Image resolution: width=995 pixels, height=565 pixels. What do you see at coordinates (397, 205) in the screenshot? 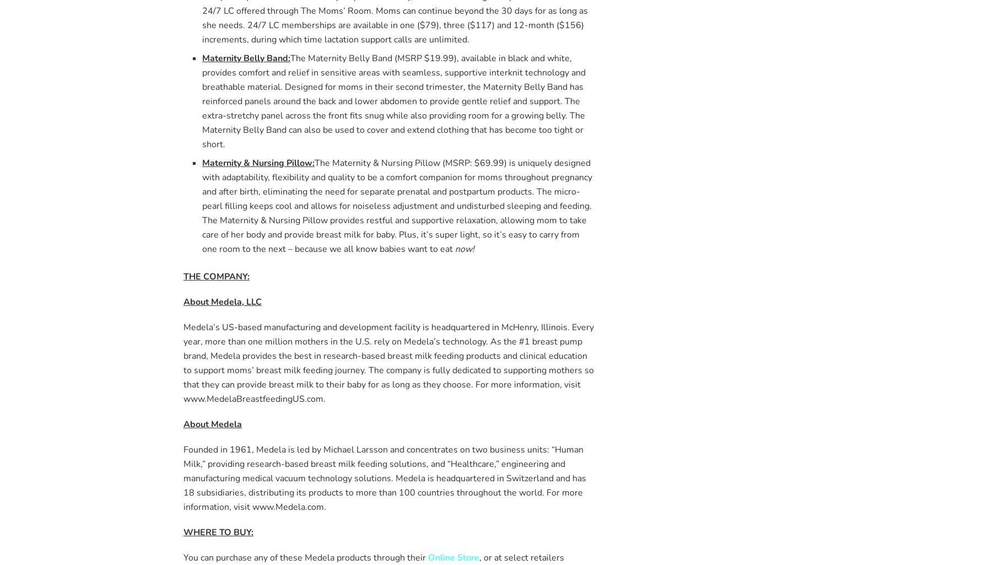
I see `'The Maternity & Nursing Pillow (MSRP: $69.99) is uniquely designed with adaptability, flexibility and quality to be a comfort companion for moms throughout pregnancy and after birth, eliminating the need for separate prenatal and postpartum products. The micro-pearl filling keeps cool and allows for noiseless adjustment and undisturbed sleeping and feeding. The Maternity & Nursing Pillow provides restful and supportive relaxation, allowing mom to take care of her body and provide breast milk for baby. Plus, it’s super light, so it’s easy to carry from one room to the next – because we all know babies want to eat'` at bounding box center [397, 205].